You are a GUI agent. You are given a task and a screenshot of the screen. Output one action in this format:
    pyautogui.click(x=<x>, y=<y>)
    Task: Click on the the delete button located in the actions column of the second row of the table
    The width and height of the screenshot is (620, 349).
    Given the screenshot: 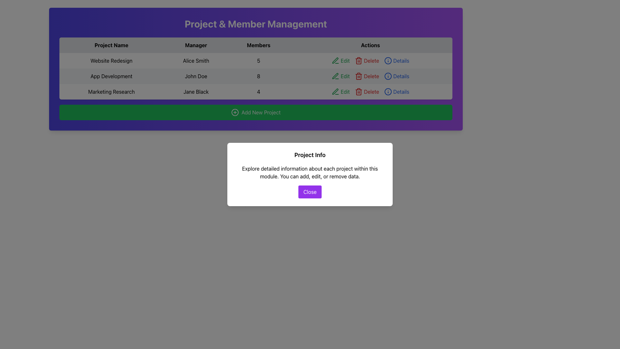 What is the action you would take?
    pyautogui.click(x=367, y=61)
    